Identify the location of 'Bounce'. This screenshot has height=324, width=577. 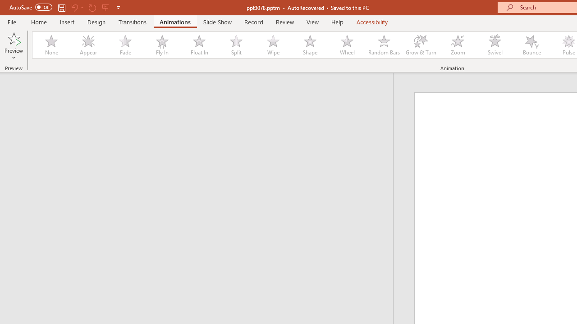
(532, 45).